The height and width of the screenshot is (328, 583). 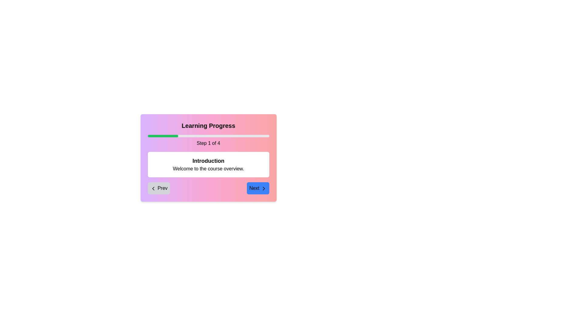 What do you see at coordinates (208, 160) in the screenshot?
I see `heading 'Introduction' which is displayed in bold and larger font style, centered within its card-like component above the text 'Welcome to the course overview.'` at bounding box center [208, 160].